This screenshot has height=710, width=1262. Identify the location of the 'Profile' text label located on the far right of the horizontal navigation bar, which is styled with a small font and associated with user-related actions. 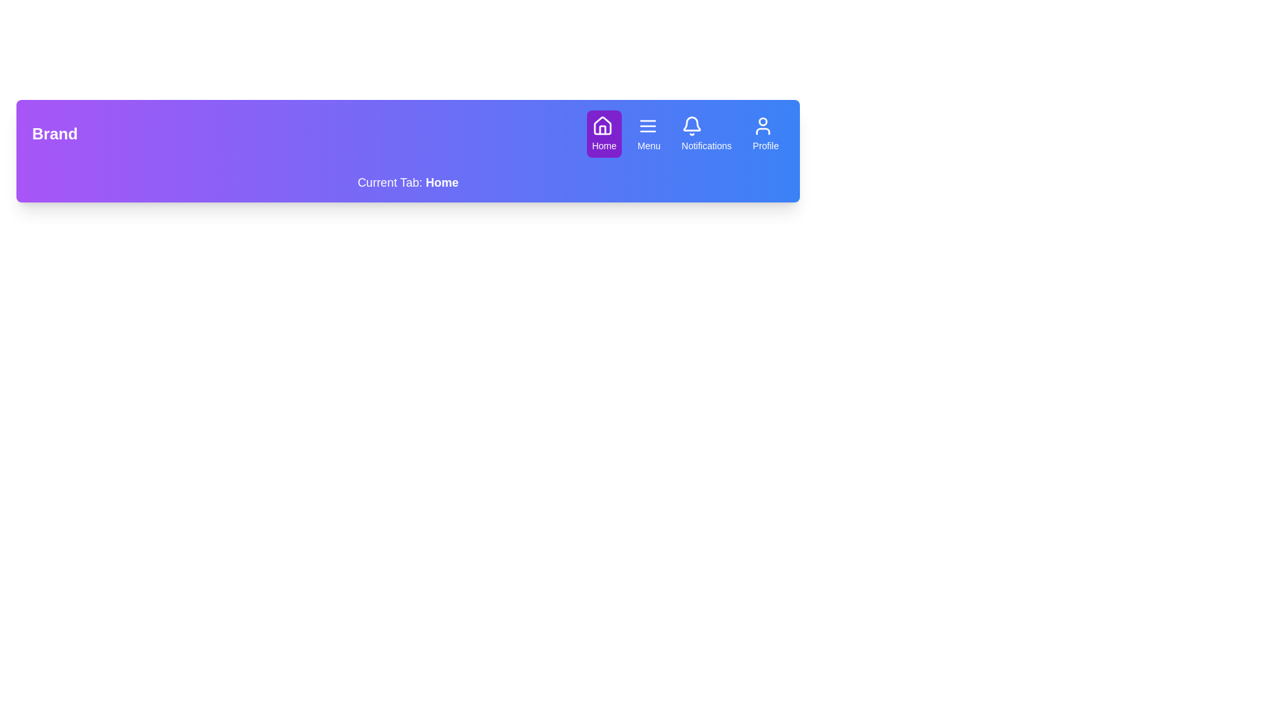
(766, 146).